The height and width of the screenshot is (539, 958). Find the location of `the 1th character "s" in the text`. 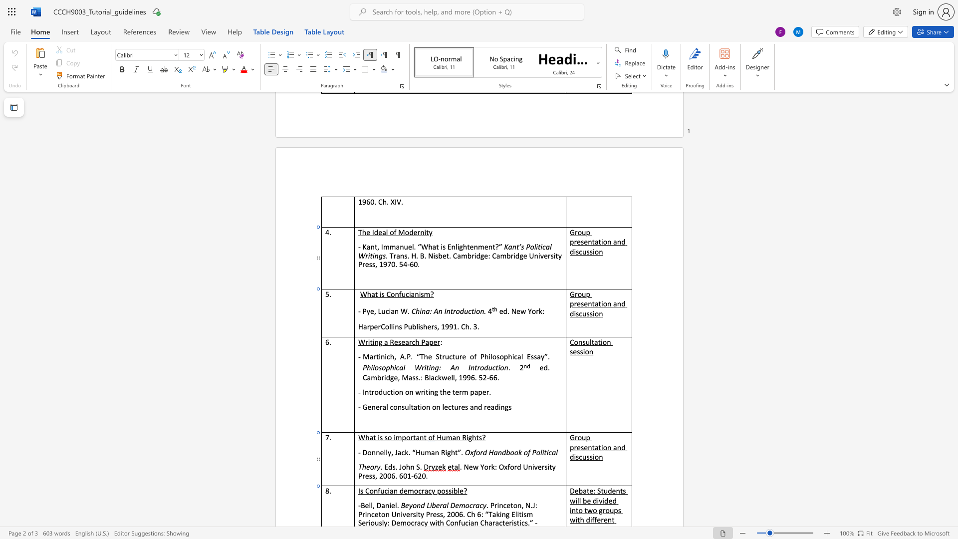

the 1th character "s" in the text is located at coordinates (582, 303).